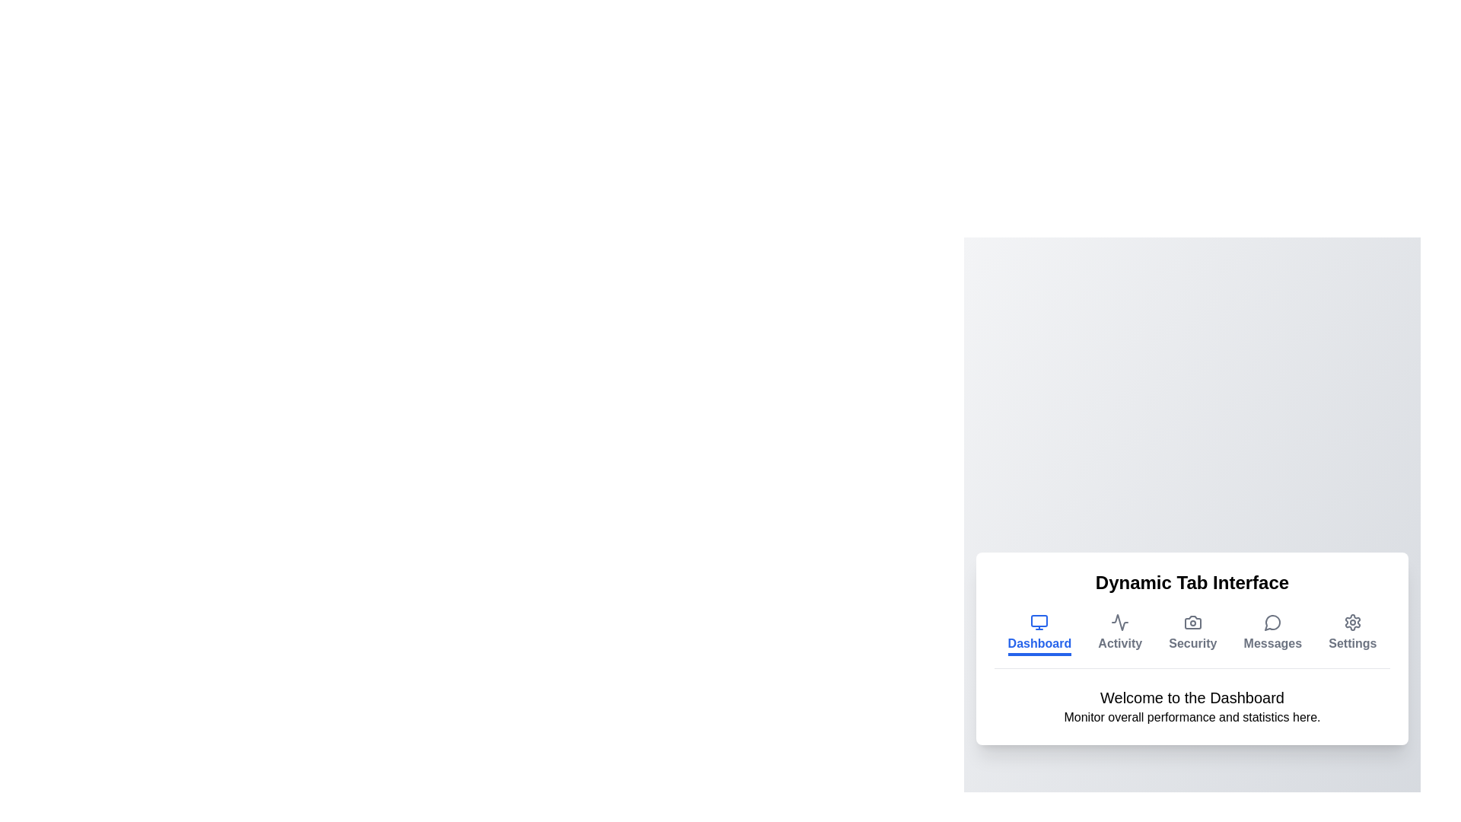 The image size is (1461, 822). I want to click on and interpret the content of the text label that says 'Monitor overall performance and statistics here.', which is centrally aligned beneath the heading 'Welcome to the Dashboard' within the card structure, so click(1191, 717).